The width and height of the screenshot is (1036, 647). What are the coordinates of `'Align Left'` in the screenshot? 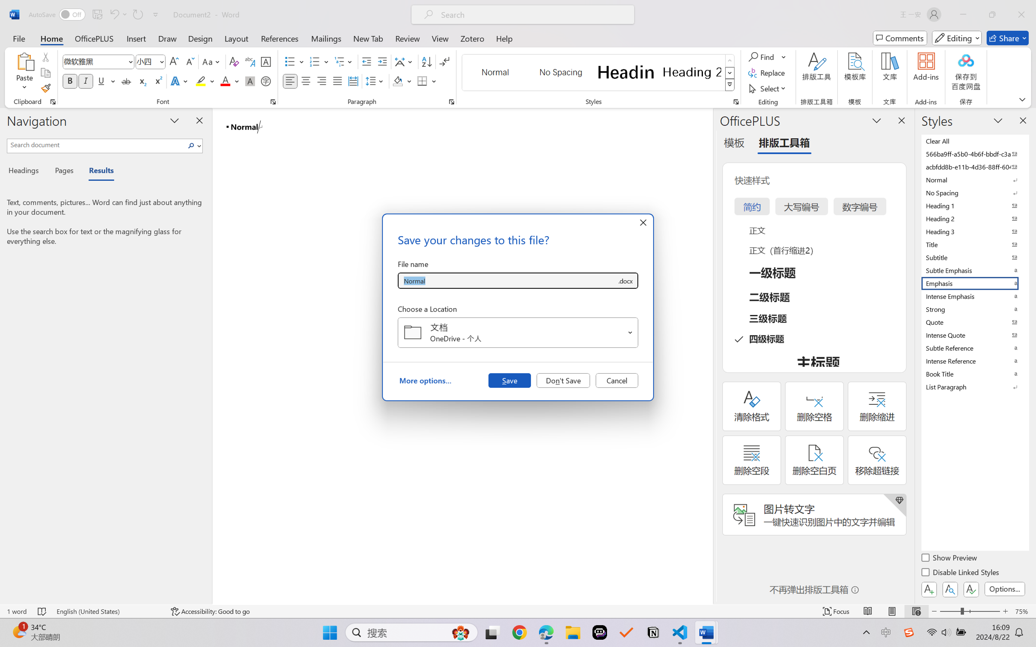 It's located at (290, 80).